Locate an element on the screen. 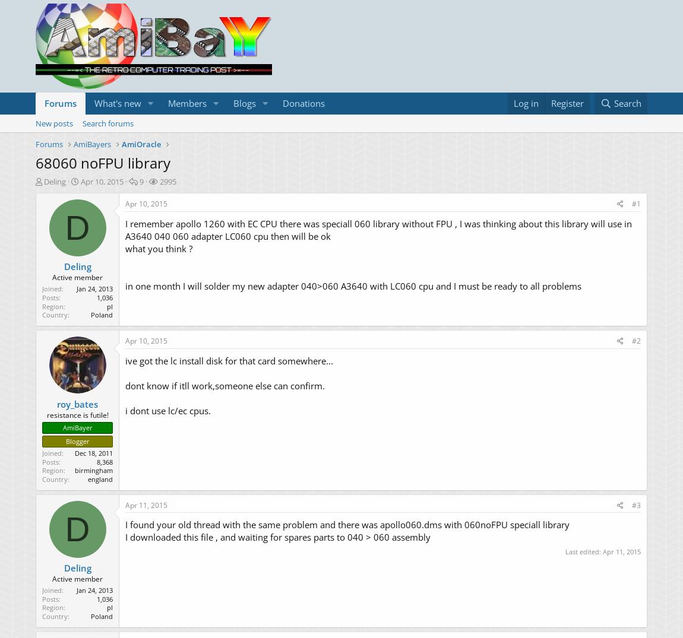  'AmiBayers' is located at coordinates (91, 142).